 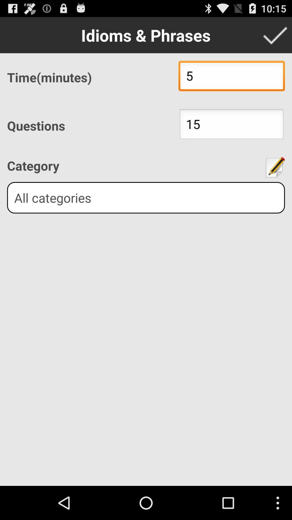 I want to click on validate settings, so click(x=275, y=35).